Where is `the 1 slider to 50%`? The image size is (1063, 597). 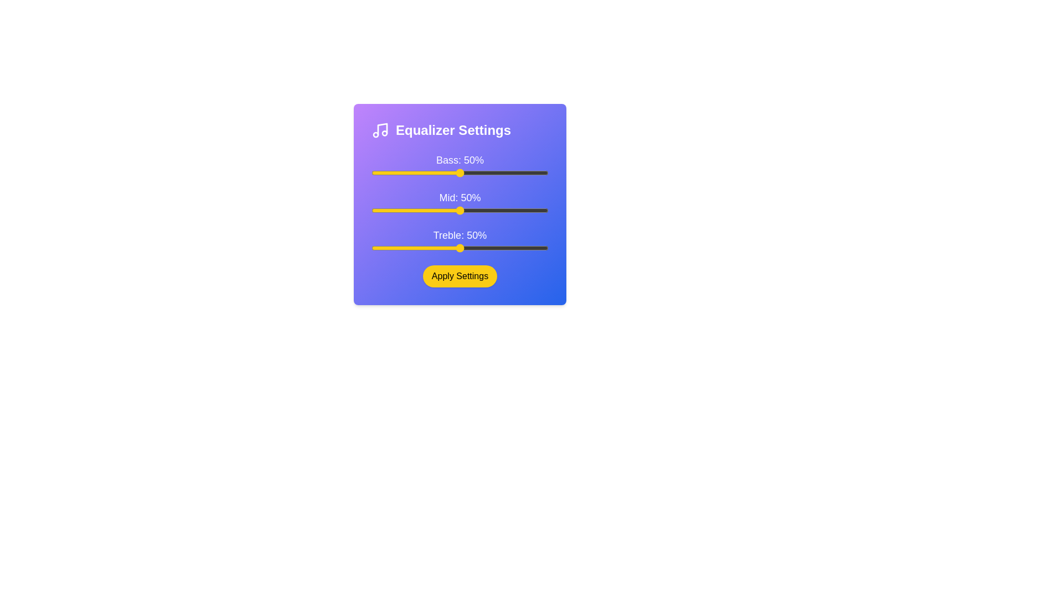
the 1 slider to 50% is located at coordinates (548, 211).